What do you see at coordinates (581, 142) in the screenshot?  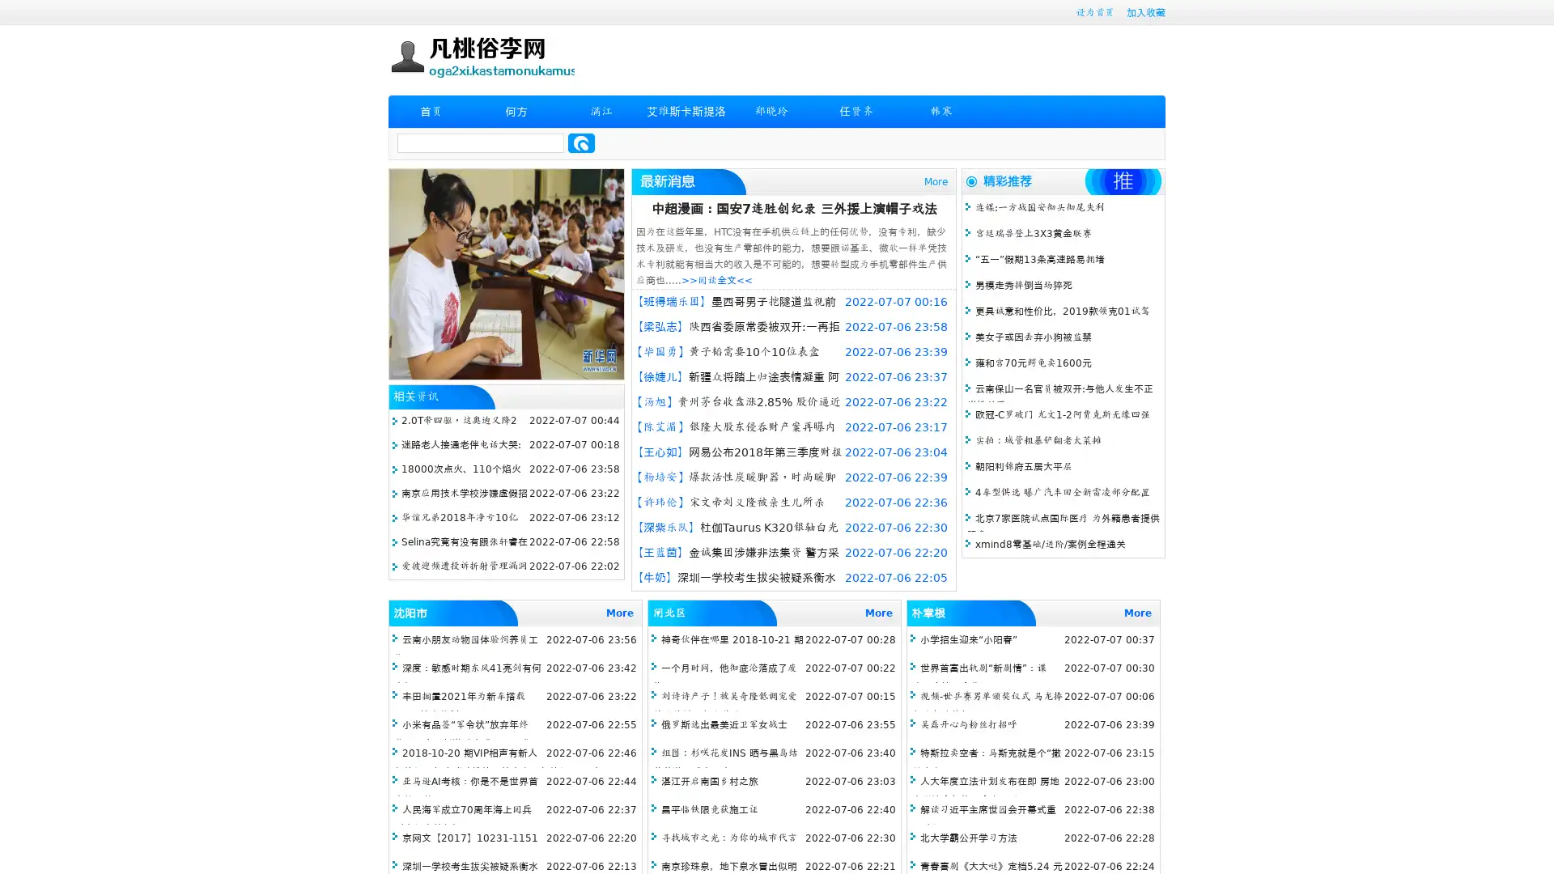 I see `Search` at bounding box center [581, 142].